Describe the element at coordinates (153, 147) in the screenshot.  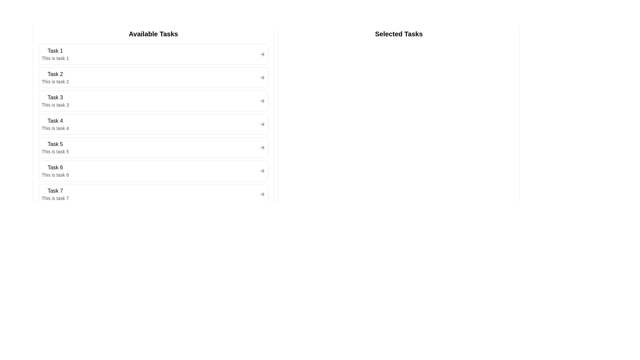
I see `the list item labeled 'Task 5'` at that location.